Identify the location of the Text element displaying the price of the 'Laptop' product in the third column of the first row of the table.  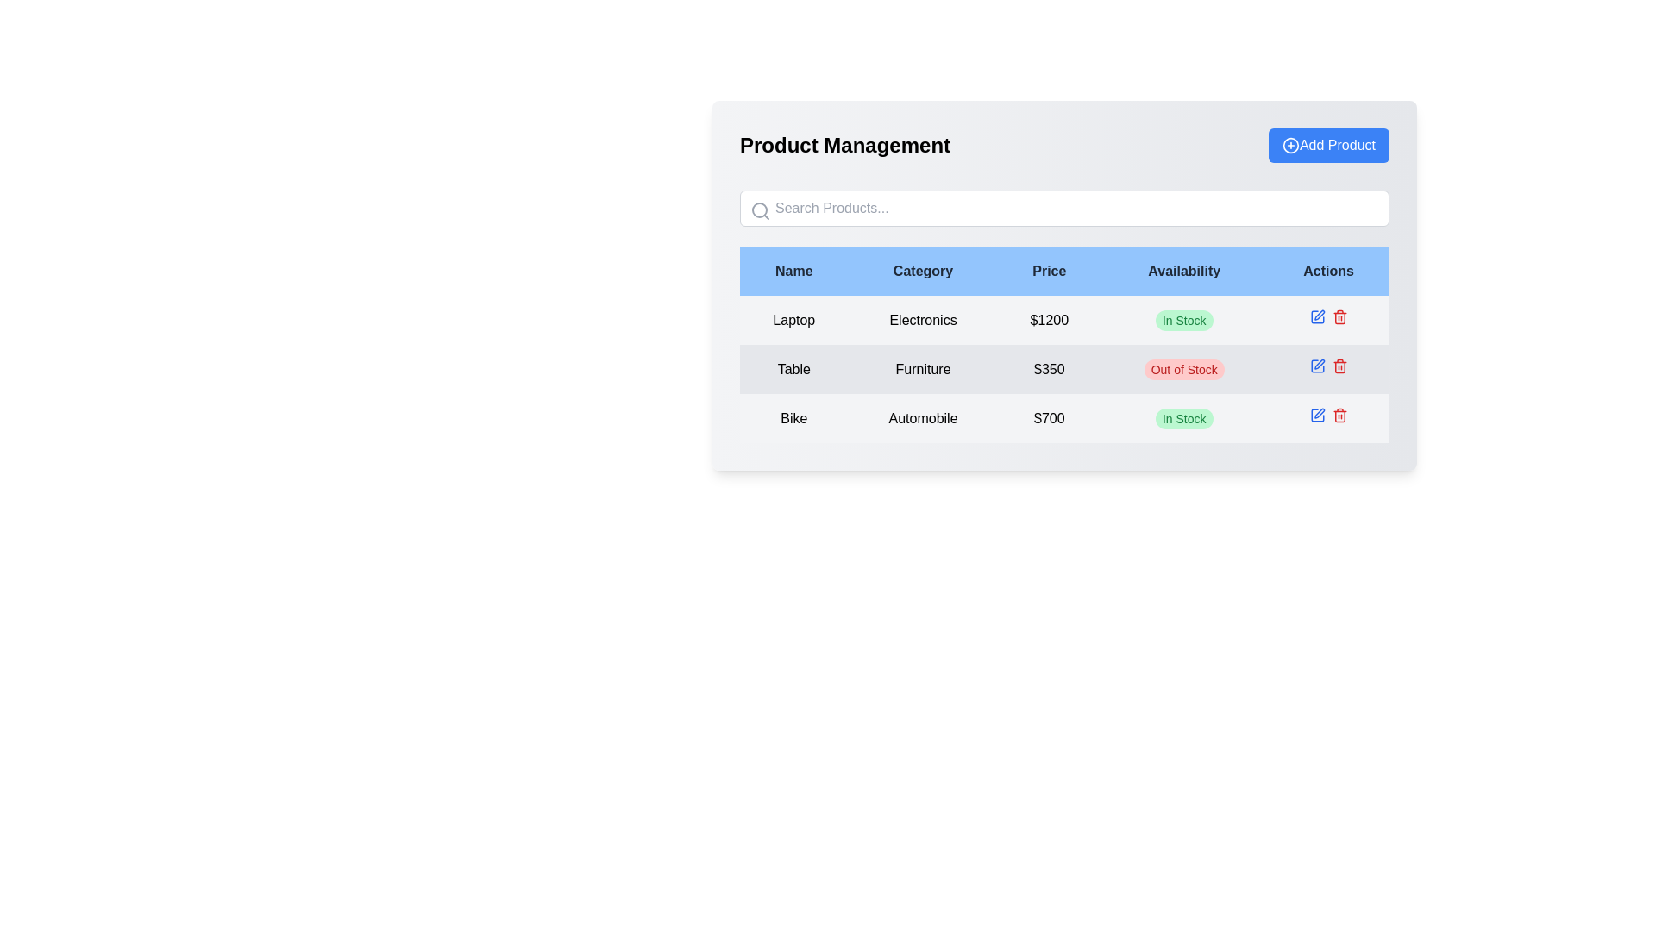
(1048, 320).